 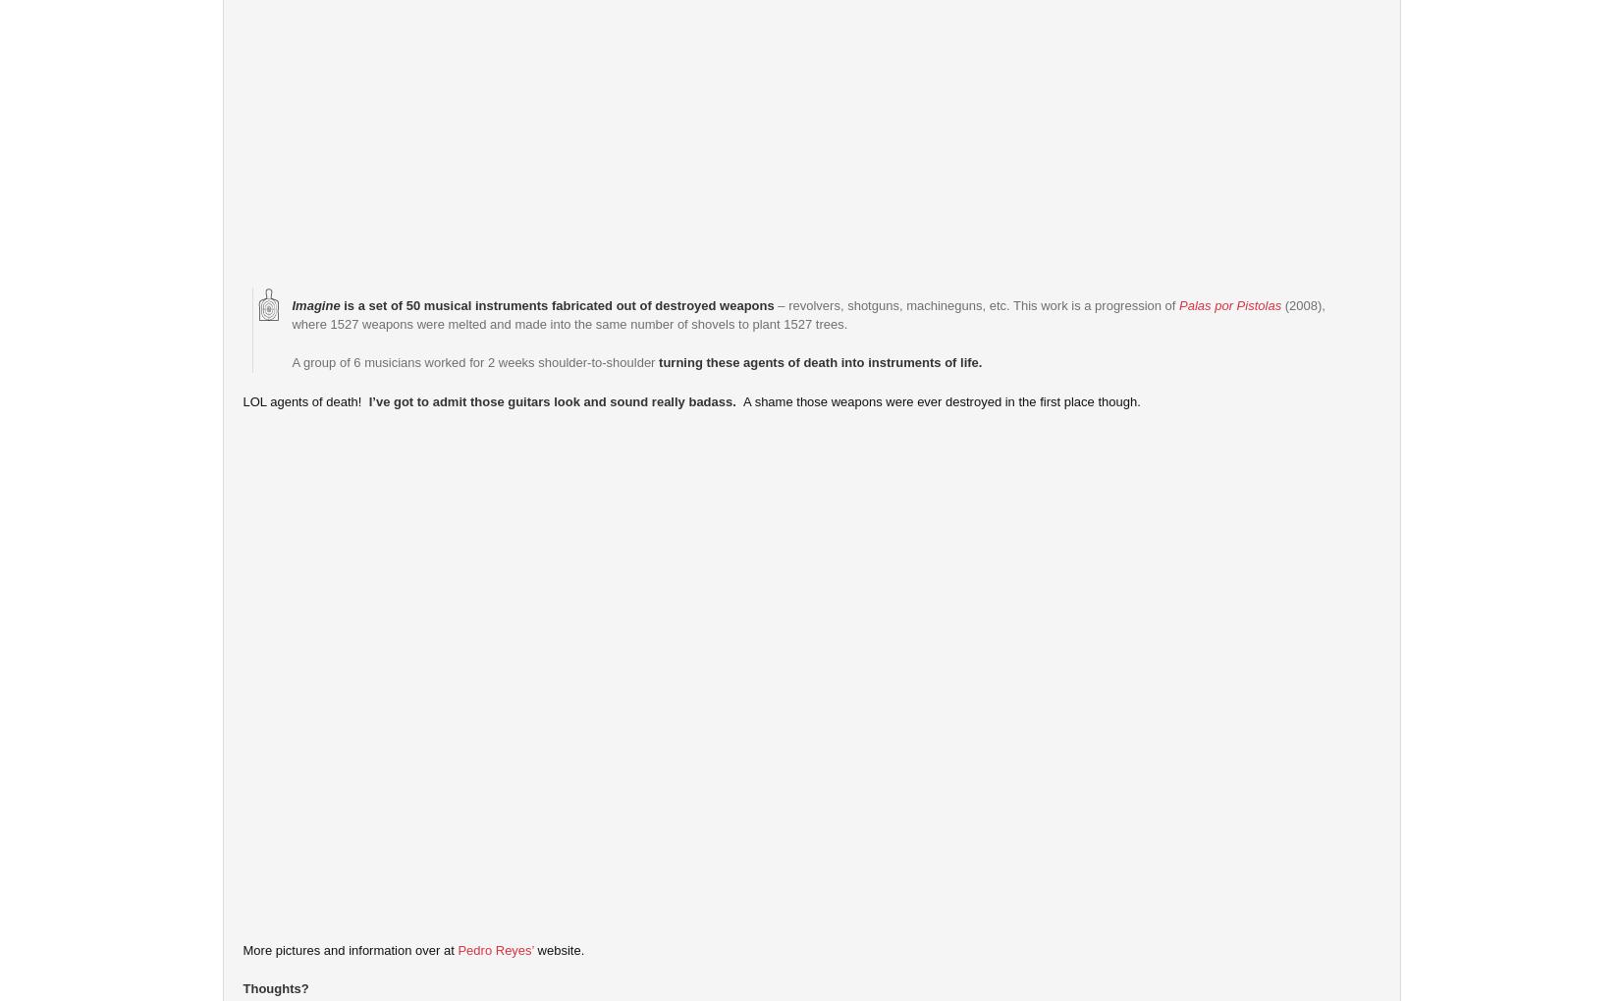 What do you see at coordinates (494, 948) in the screenshot?
I see `'Pedro Reyes’'` at bounding box center [494, 948].